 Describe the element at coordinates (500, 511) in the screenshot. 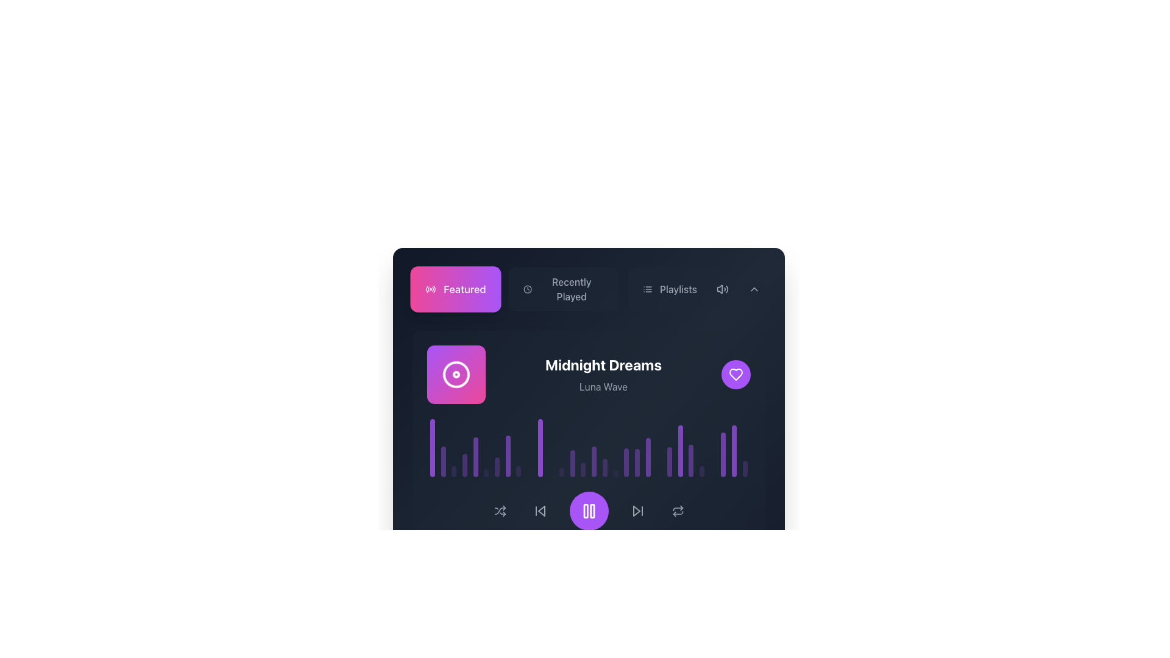

I see `the shuffle button with interlacing arrows at the bottom center of the interface` at that location.